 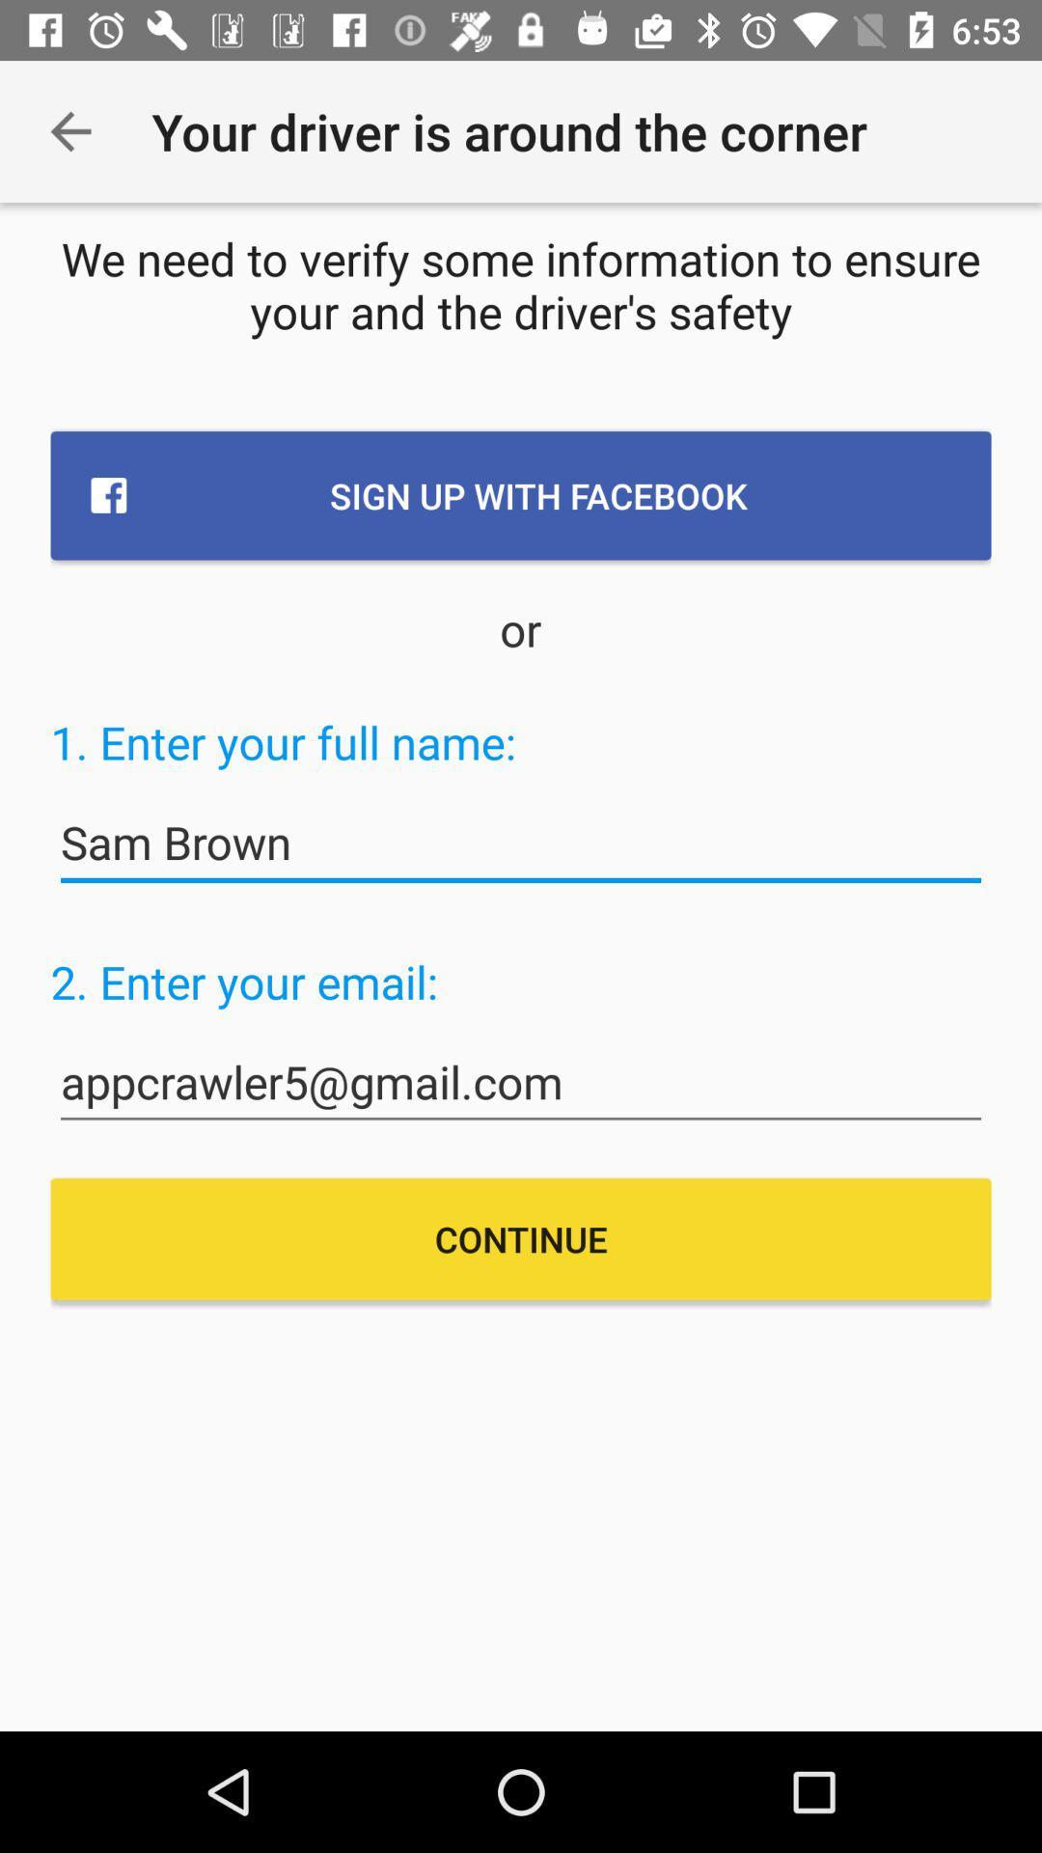 What do you see at coordinates (521, 1083) in the screenshot?
I see `the item below the 2 enter your` at bounding box center [521, 1083].